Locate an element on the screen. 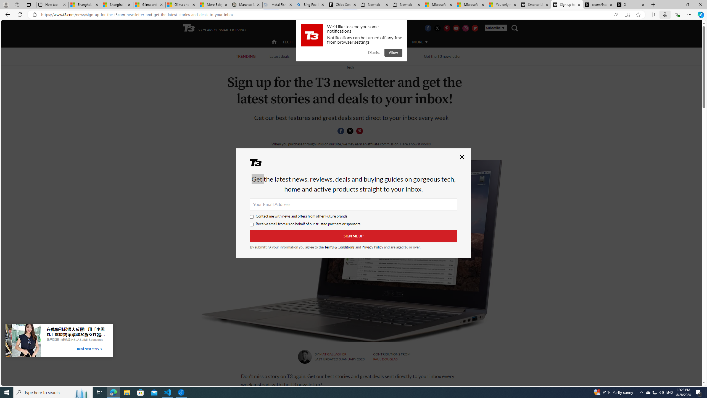  'Smarter Living | T3' is located at coordinates (535, 4).